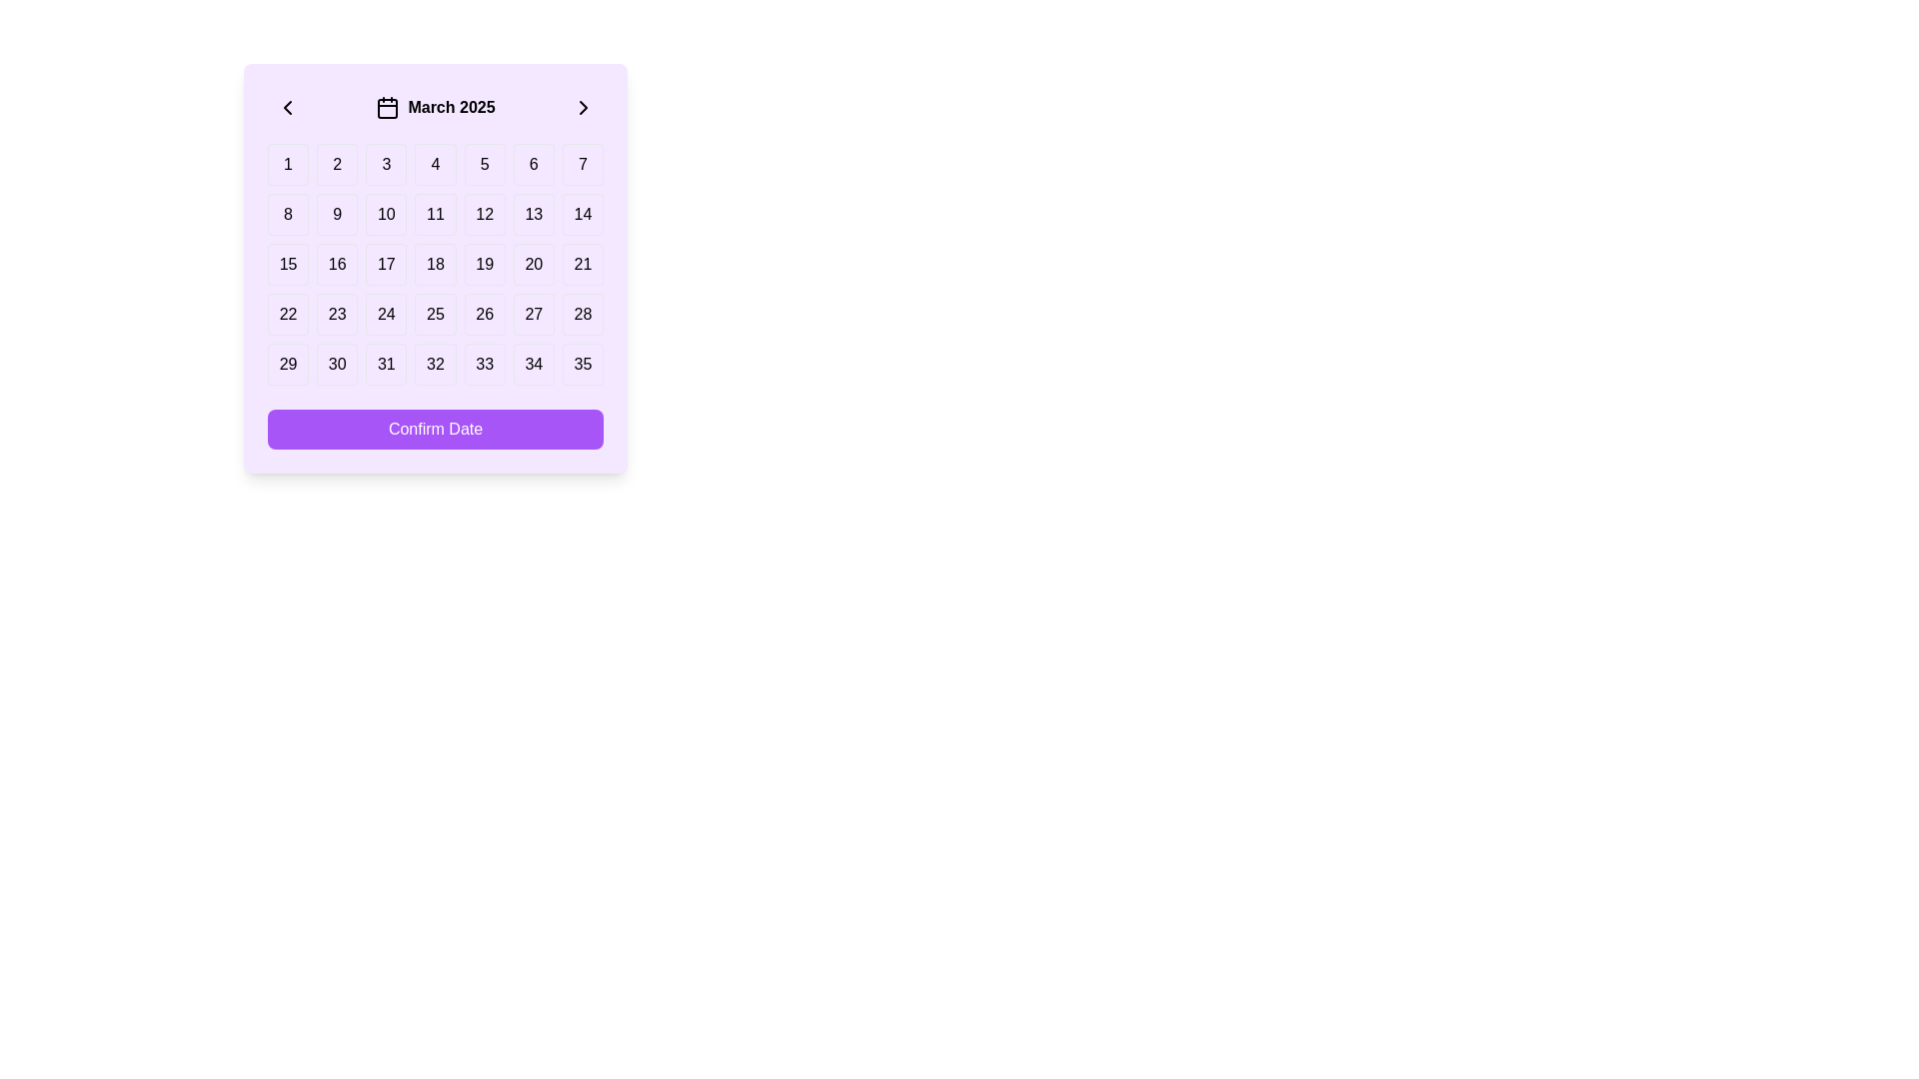  Describe the element at coordinates (435, 108) in the screenshot. I see `the text element displaying 'March 2025' which is styled with a light background and has a calendar icon on the left, located in the top horizontal row of the date picker interface` at that location.